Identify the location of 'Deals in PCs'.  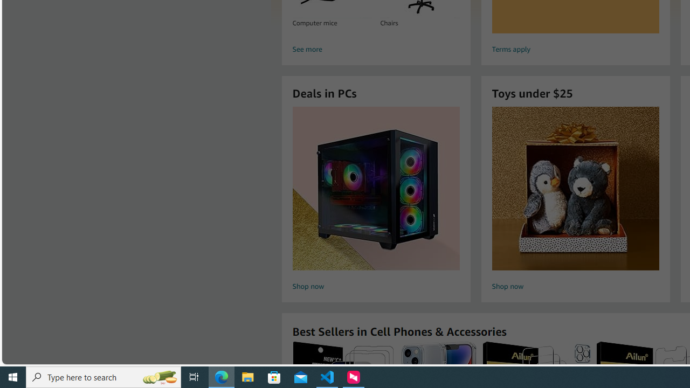
(376, 188).